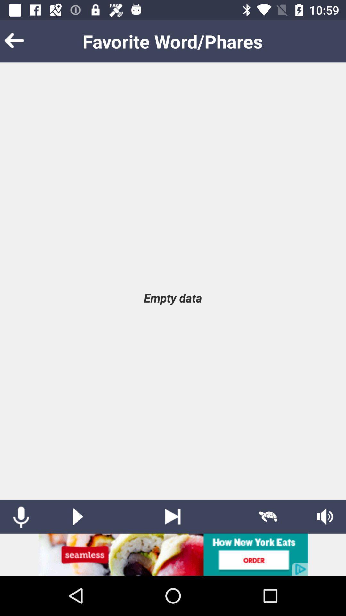 Image resolution: width=346 pixels, height=616 pixels. Describe the element at coordinates (78, 517) in the screenshot. I see `to play` at that location.